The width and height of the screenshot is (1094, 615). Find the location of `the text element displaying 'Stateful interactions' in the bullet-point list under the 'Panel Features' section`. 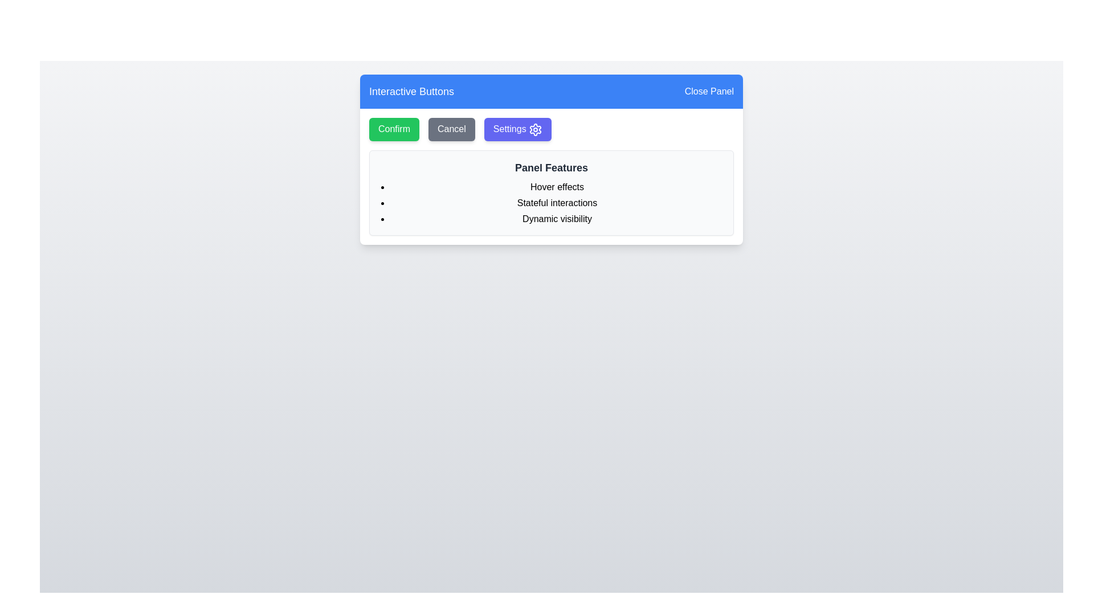

the text element displaying 'Stateful interactions' in the bullet-point list under the 'Panel Features' section is located at coordinates (557, 202).